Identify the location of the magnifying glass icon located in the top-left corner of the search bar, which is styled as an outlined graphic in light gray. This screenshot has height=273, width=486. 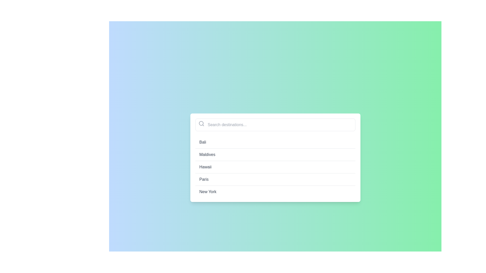
(201, 124).